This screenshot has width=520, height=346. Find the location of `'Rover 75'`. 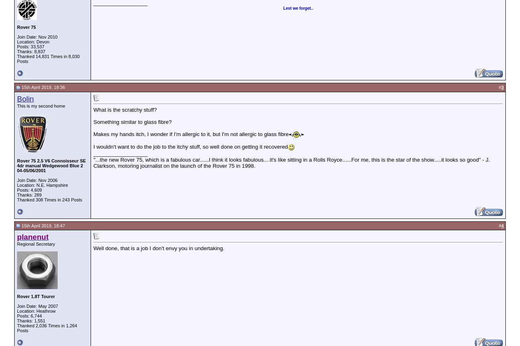

'Rover 75' is located at coordinates (26, 27).